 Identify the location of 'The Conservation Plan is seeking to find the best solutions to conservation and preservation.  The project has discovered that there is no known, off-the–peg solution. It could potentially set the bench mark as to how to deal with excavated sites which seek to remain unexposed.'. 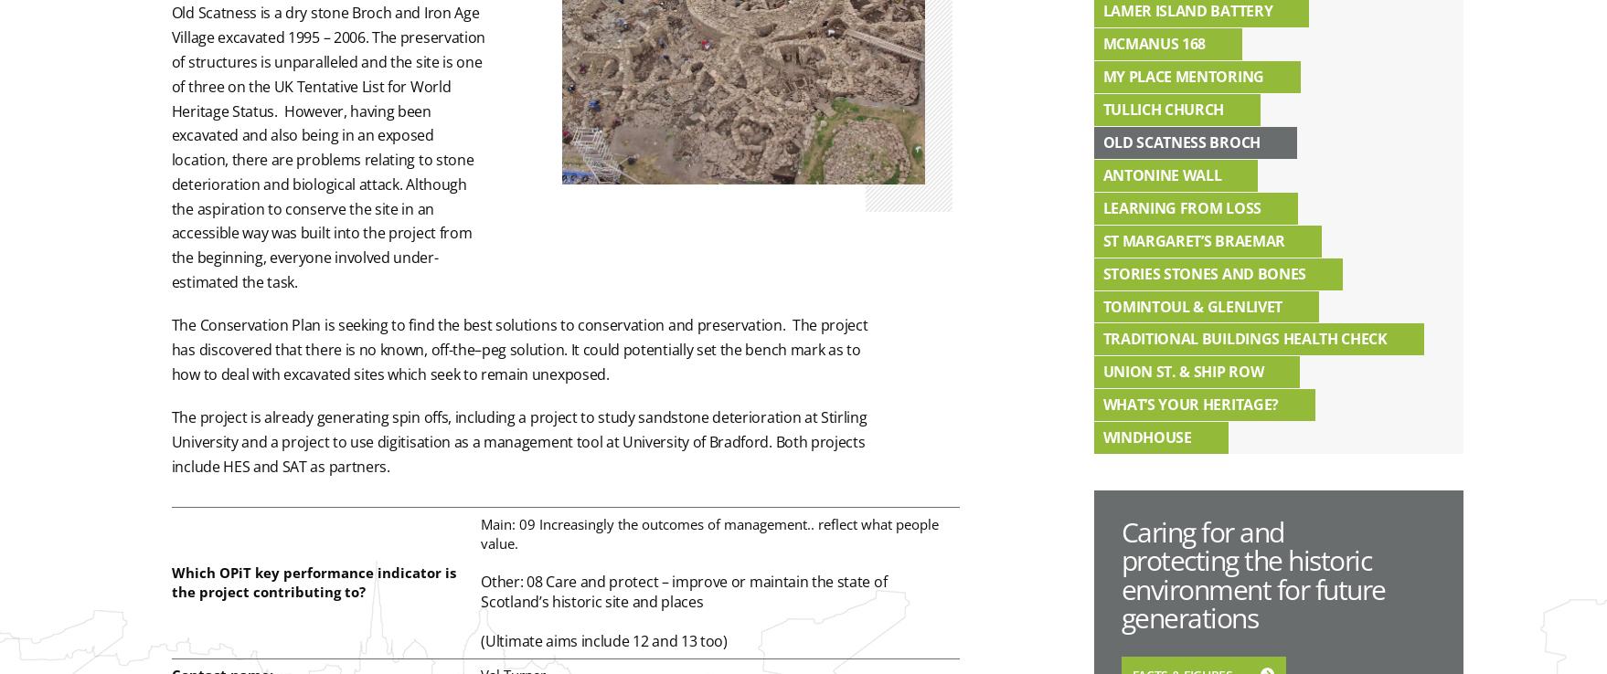
(518, 348).